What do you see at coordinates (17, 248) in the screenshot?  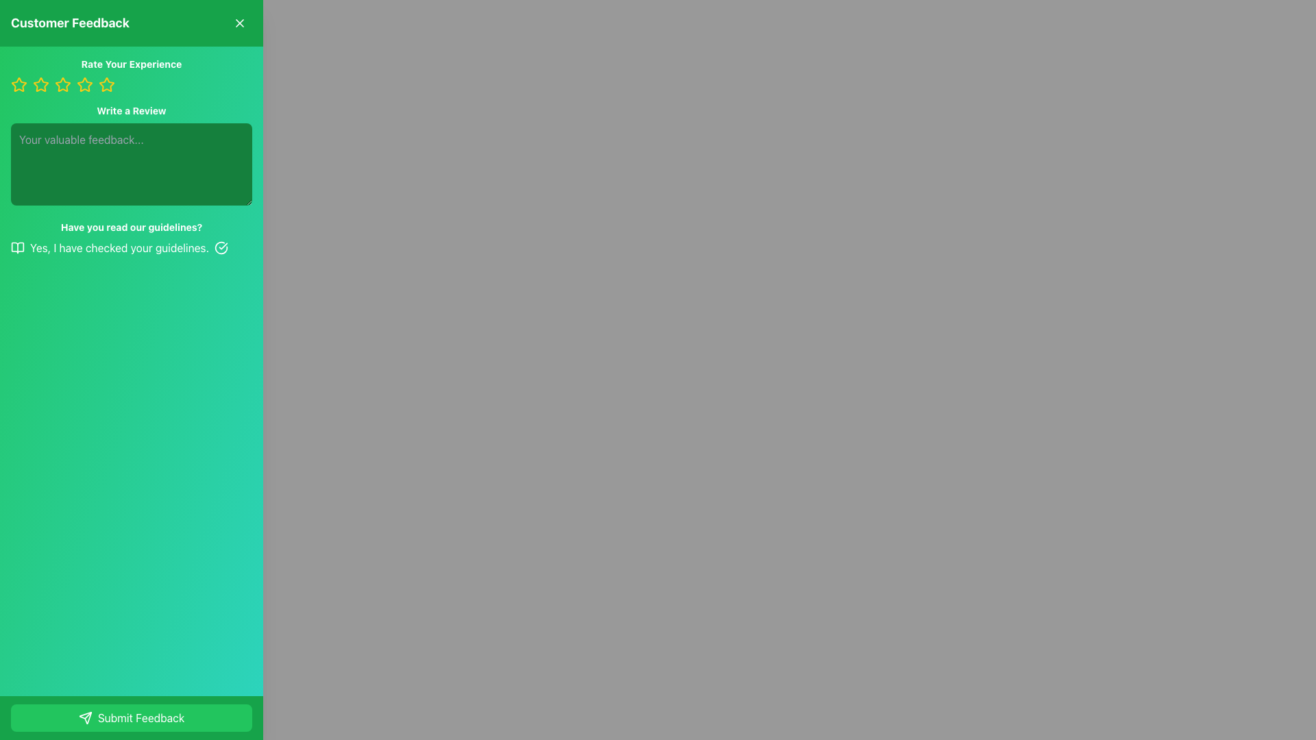 I see `the left-opened book icon, which is part of a vector graphic in the feedback panel located above the 'Yes, I have checked your guidelines' checkbox` at bounding box center [17, 248].